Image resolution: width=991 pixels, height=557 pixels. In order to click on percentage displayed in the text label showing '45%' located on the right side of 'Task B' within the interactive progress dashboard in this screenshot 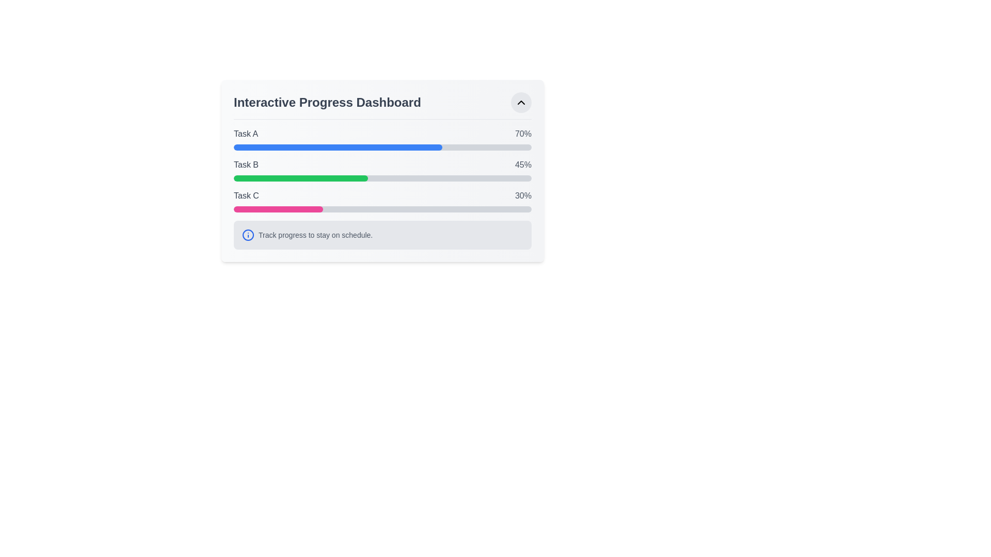, I will do `click(523, 165)`.